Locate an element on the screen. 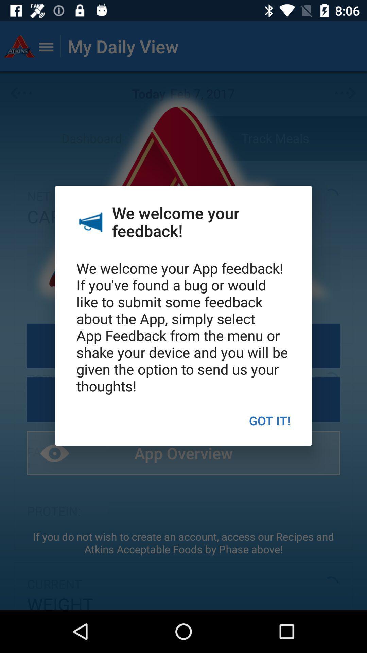  the got it! item is located at coordinates (269, 420).